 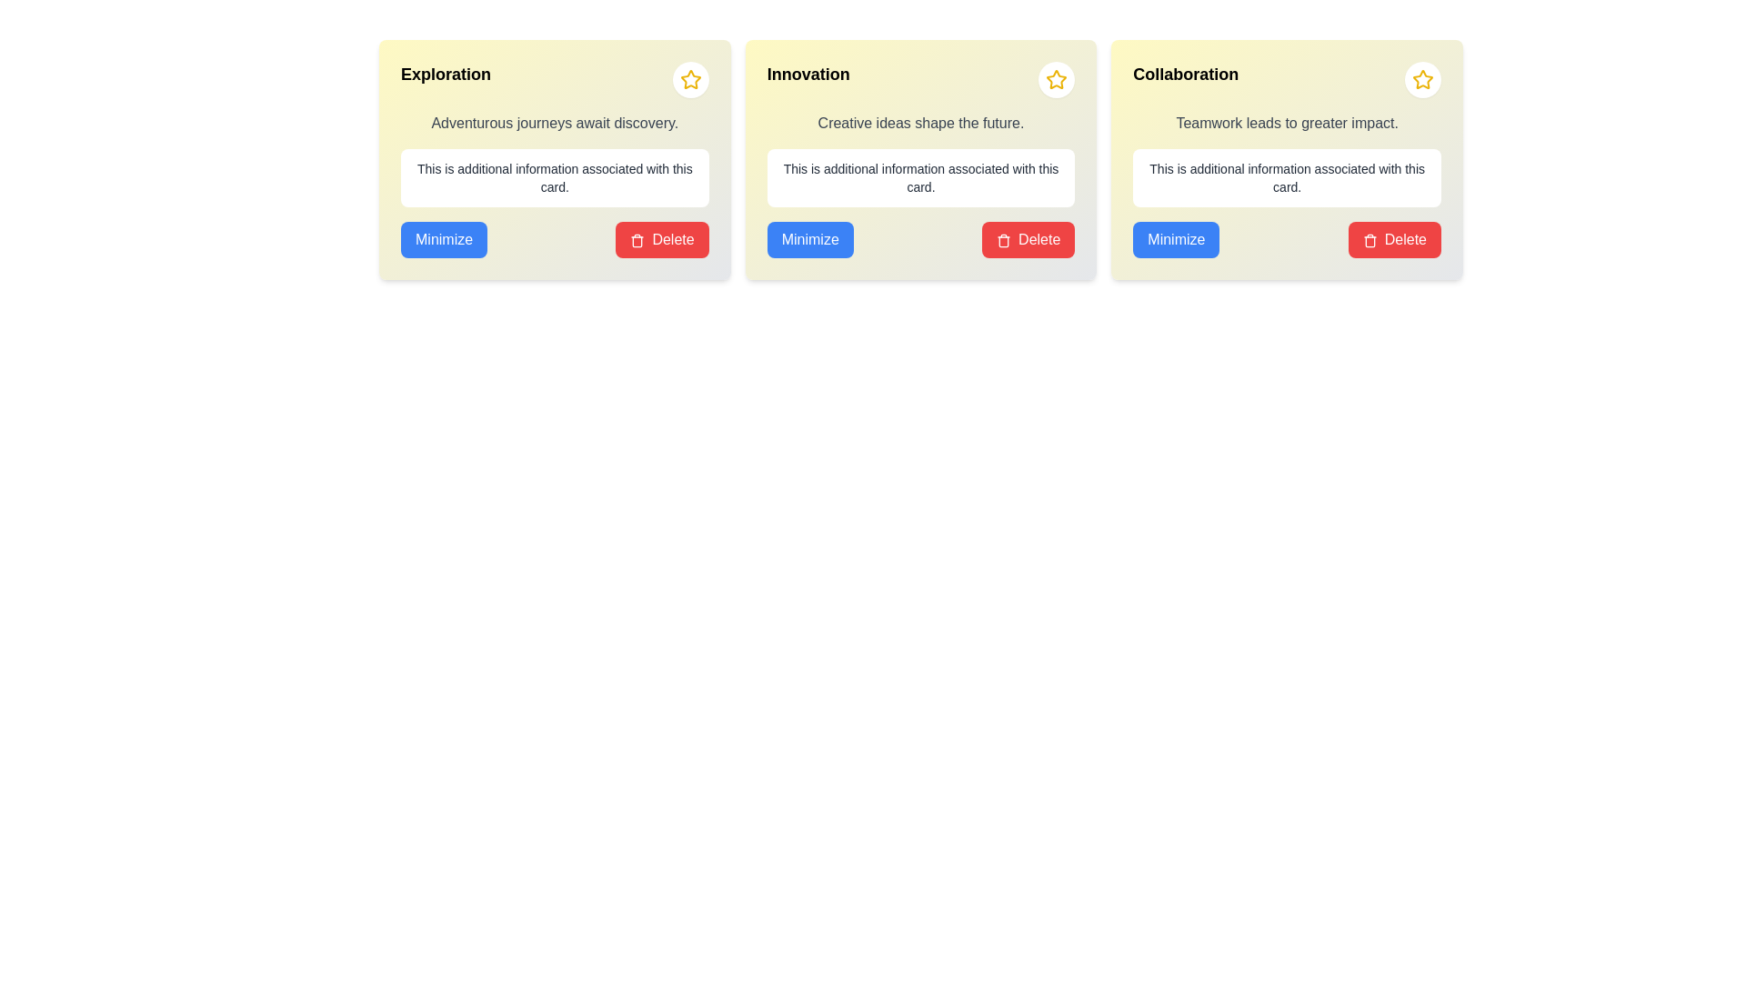 I want to click on the bold text label displaying 'Innovation' that is prominently positioned at the top-left corner of the second card in the three-card layout, so click(x=808, y=79).